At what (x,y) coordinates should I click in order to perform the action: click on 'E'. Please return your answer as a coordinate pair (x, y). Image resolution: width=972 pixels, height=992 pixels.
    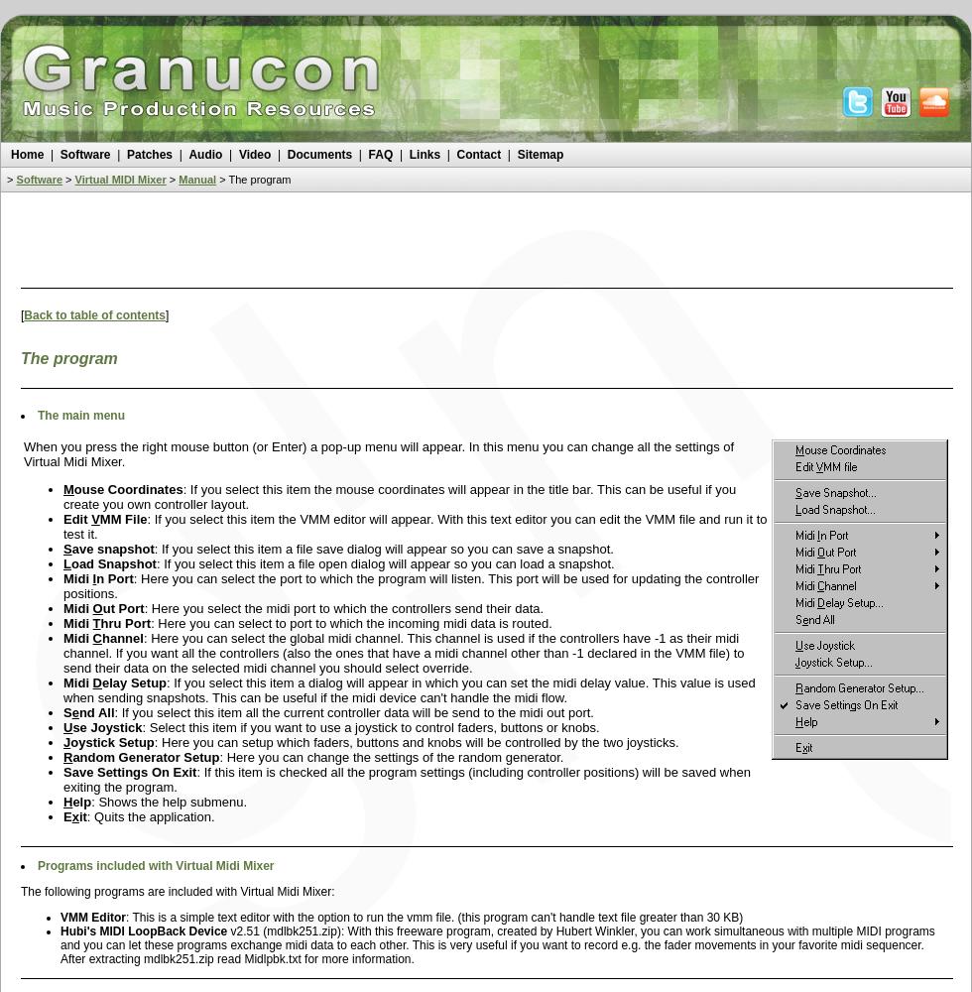
    Looking at the image, I should click on (67, 815).